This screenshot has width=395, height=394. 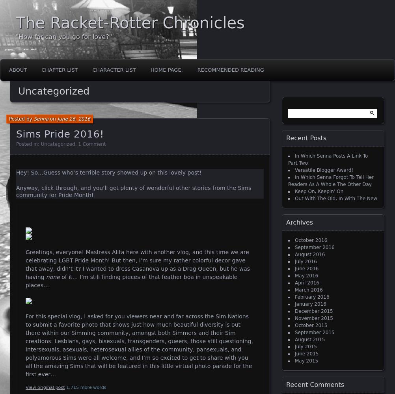 What do you see at coordinates (331, 180) in the screenshot?
I see `'In Which Senna Forgot To Tell Her Readers As A Whole The Other Day'` at bounding box center [331, 180].